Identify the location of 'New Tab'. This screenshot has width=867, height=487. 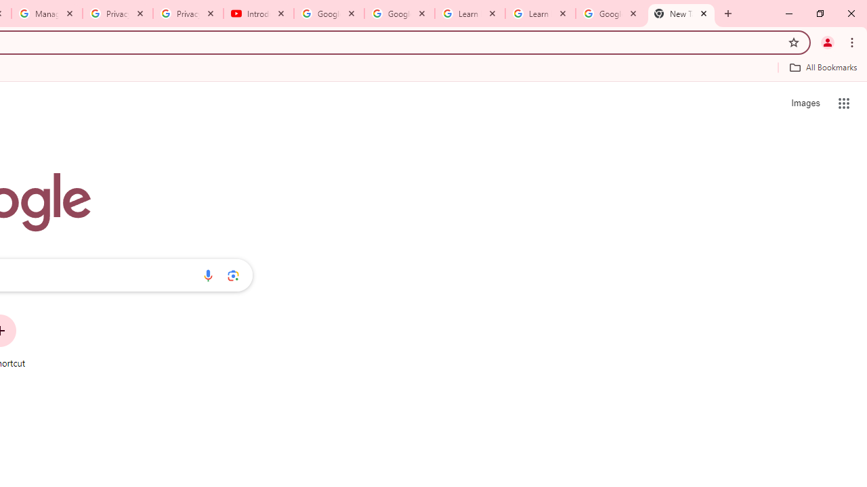
(681, 14).